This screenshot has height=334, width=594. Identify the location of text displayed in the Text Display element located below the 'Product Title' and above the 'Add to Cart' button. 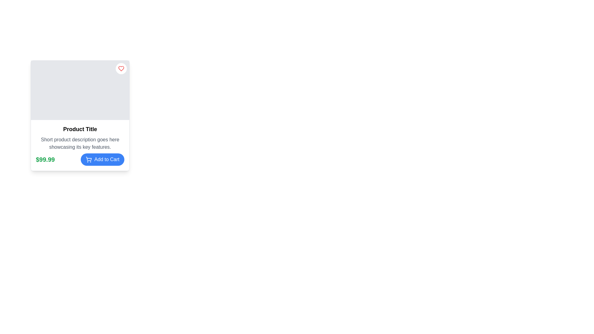
(80, 143).